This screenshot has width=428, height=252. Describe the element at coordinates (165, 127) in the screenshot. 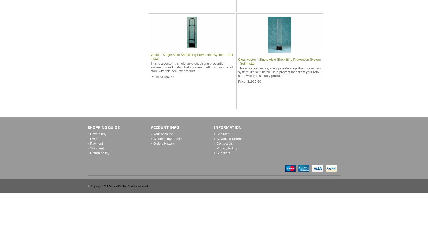

I see `'Account INFO'` at that location.